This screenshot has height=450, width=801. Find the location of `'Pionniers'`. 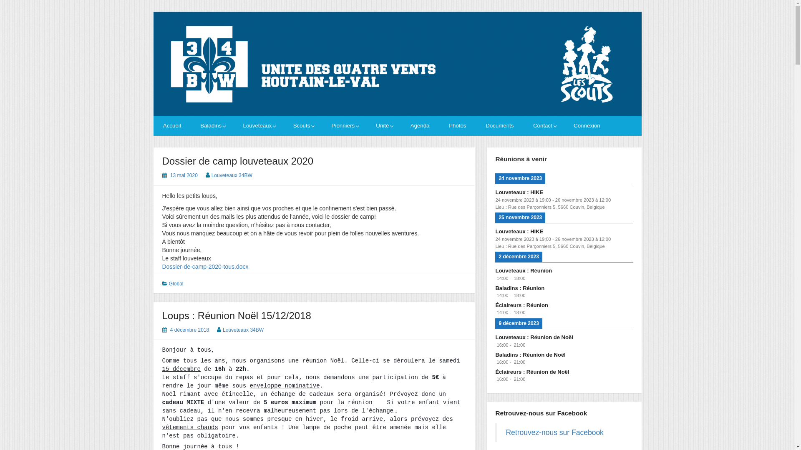

'Pionniers' is located at coordinates (344, 125).